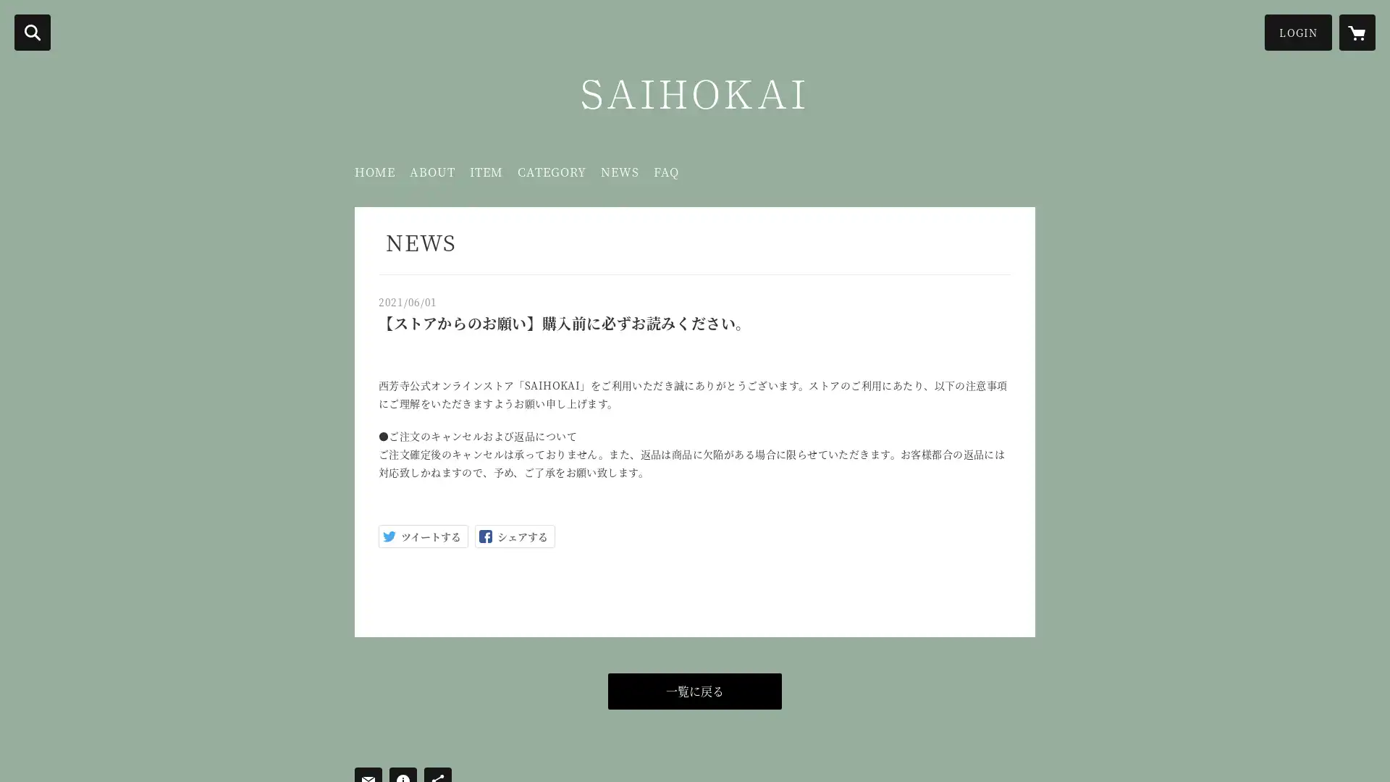  Describe the element at coordinates (1298, 33) in the screenshot. I see `LOGIN` at that location.